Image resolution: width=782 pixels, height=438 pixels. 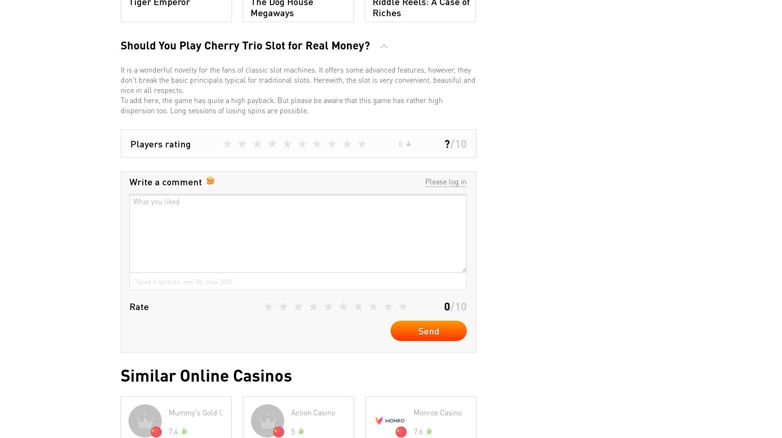 What do you see at coordinates (298, 79) in the screenshot?
I see `'It is a wonderful novelty for the fans of classic slot machines. It offers some advanced features, however, they don't break the basic principals typical for traditional slots. Herewith, the slot is very convenient, beautiful and nice in all respects.'` at bounding box center [298, 79].